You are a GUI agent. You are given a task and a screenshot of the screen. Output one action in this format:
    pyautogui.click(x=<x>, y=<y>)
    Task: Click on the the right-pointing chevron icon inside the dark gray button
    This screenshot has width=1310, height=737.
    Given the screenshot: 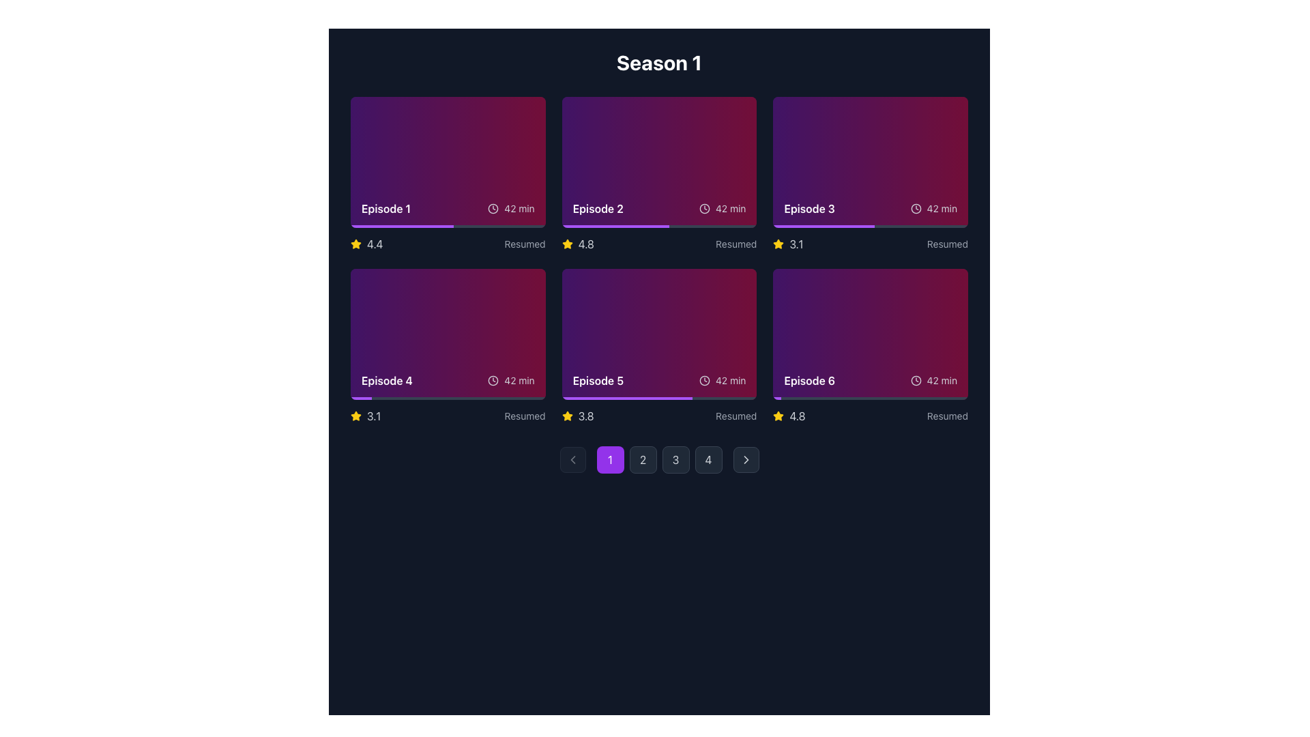 What is the action you would take?
    pyautogui.click(x=745, y=460)
    